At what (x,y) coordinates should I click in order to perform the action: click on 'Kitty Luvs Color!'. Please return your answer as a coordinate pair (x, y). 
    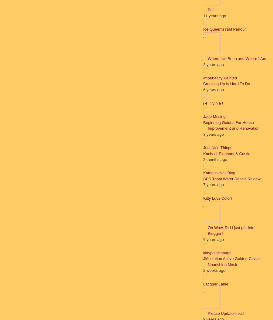
    Looking at the image, I should click on (217, 198).